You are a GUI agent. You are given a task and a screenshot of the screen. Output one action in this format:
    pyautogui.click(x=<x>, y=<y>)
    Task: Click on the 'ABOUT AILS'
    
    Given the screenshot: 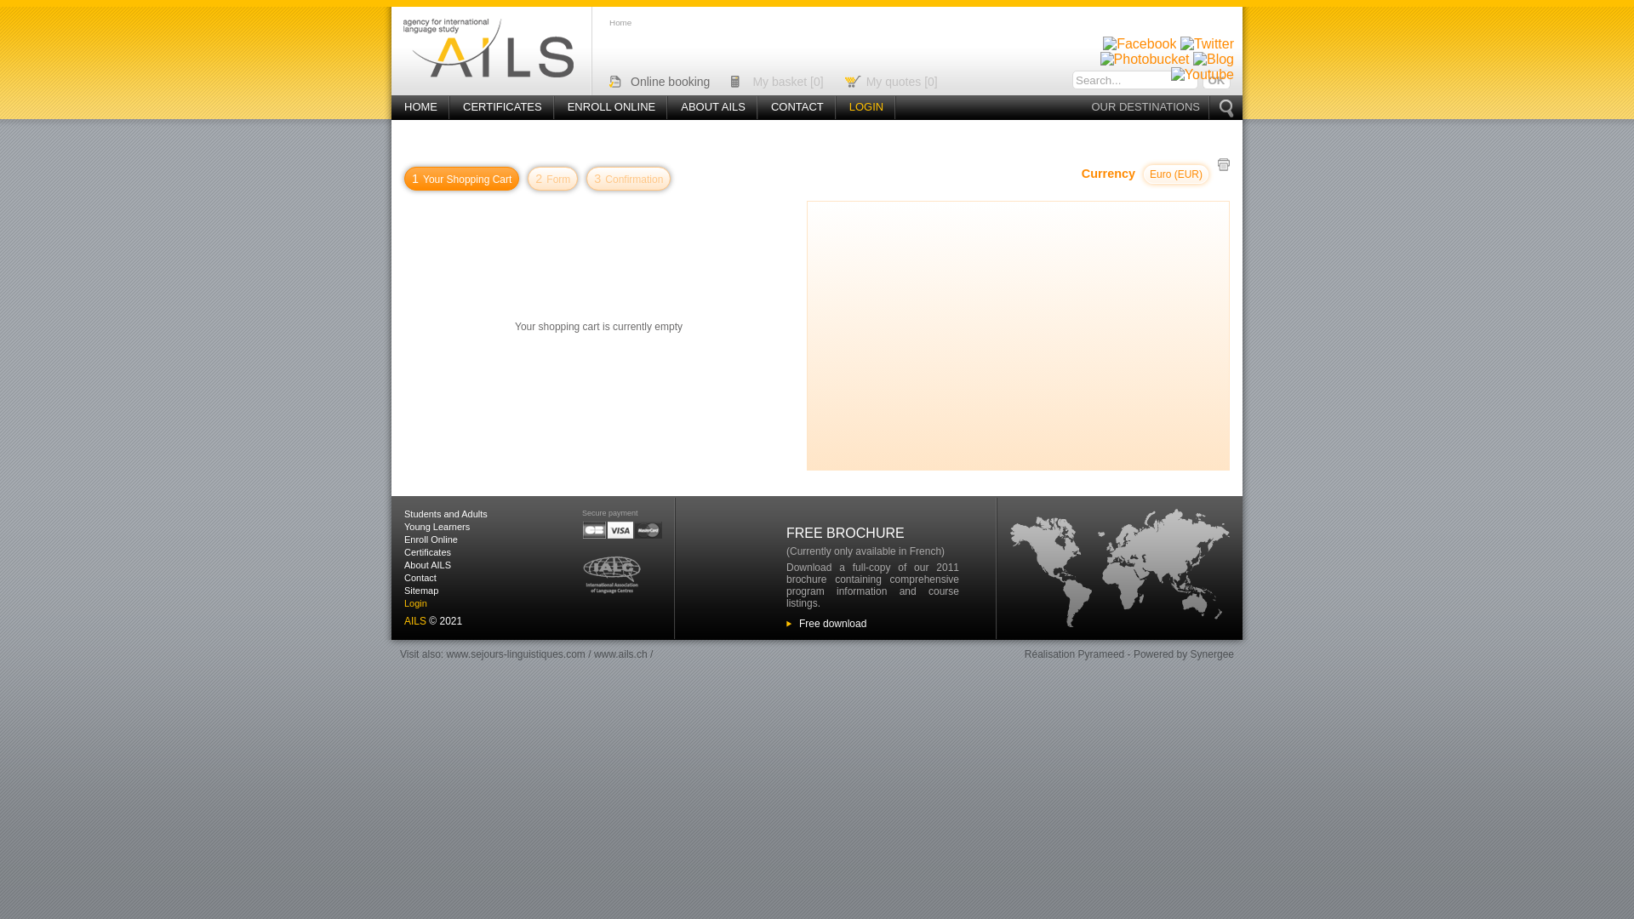 What is the action you would take?
    pyautogui.click(x=713, y=107)
    